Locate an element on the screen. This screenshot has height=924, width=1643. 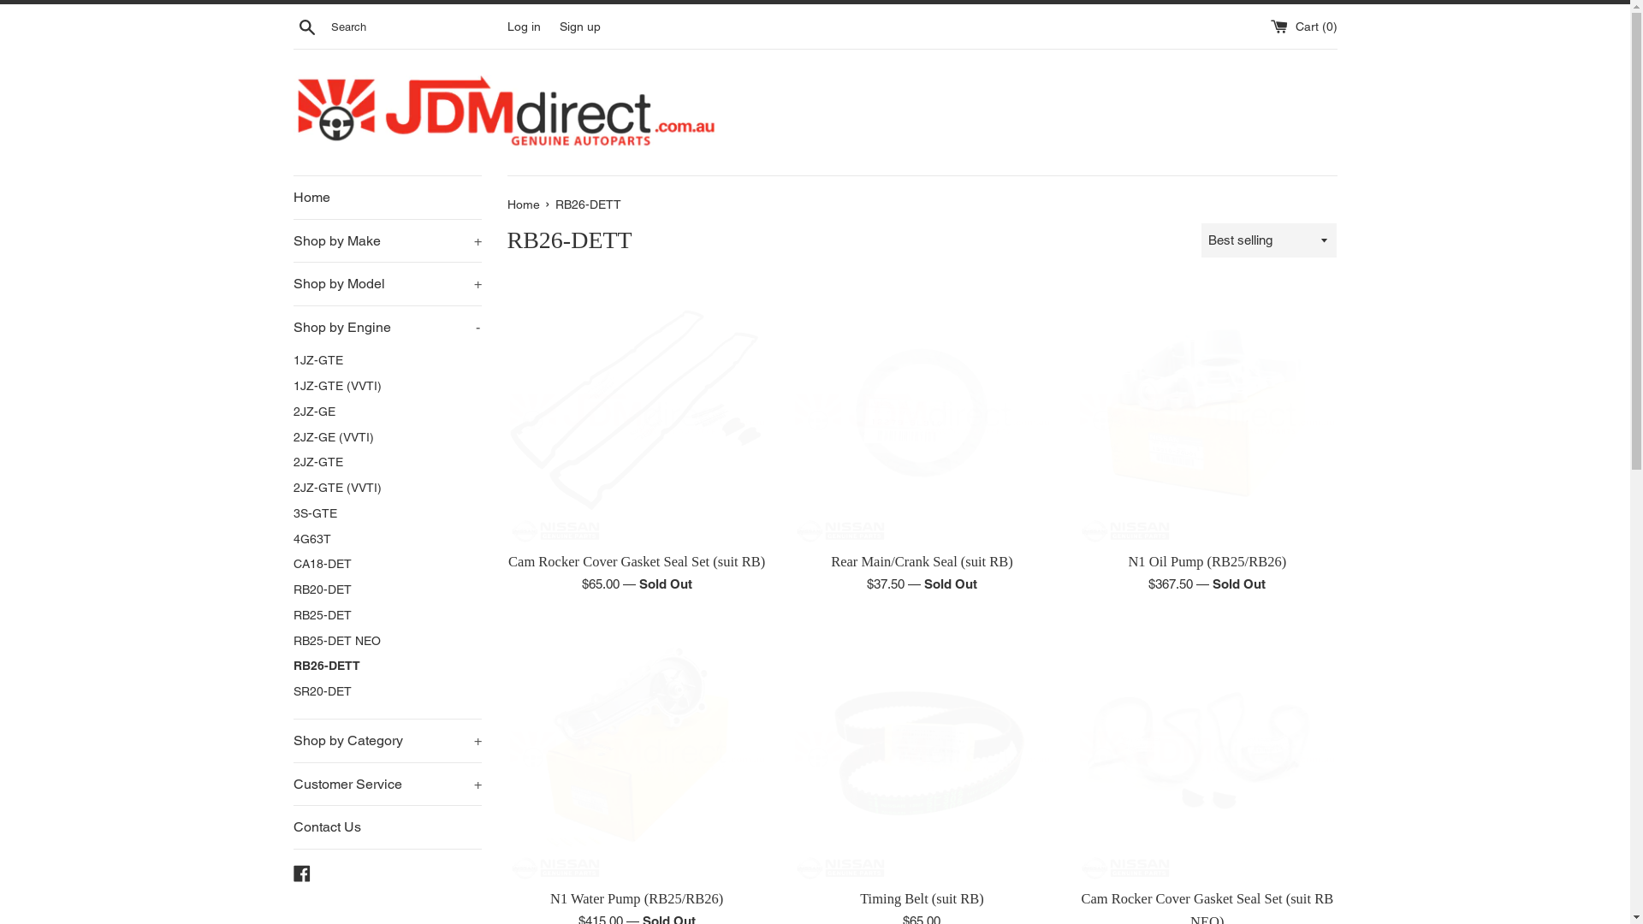
'Cam Rocker Cover Gasket Seal Set (suit RB)' is located at coordinates (636, 561).